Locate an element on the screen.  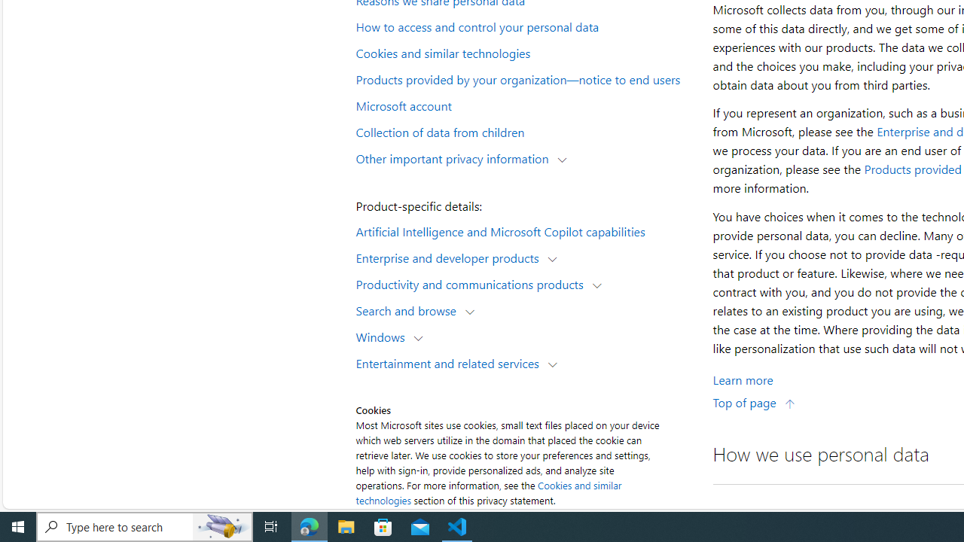
'How to access and control your personal data' is located at coordinates (524, 26).